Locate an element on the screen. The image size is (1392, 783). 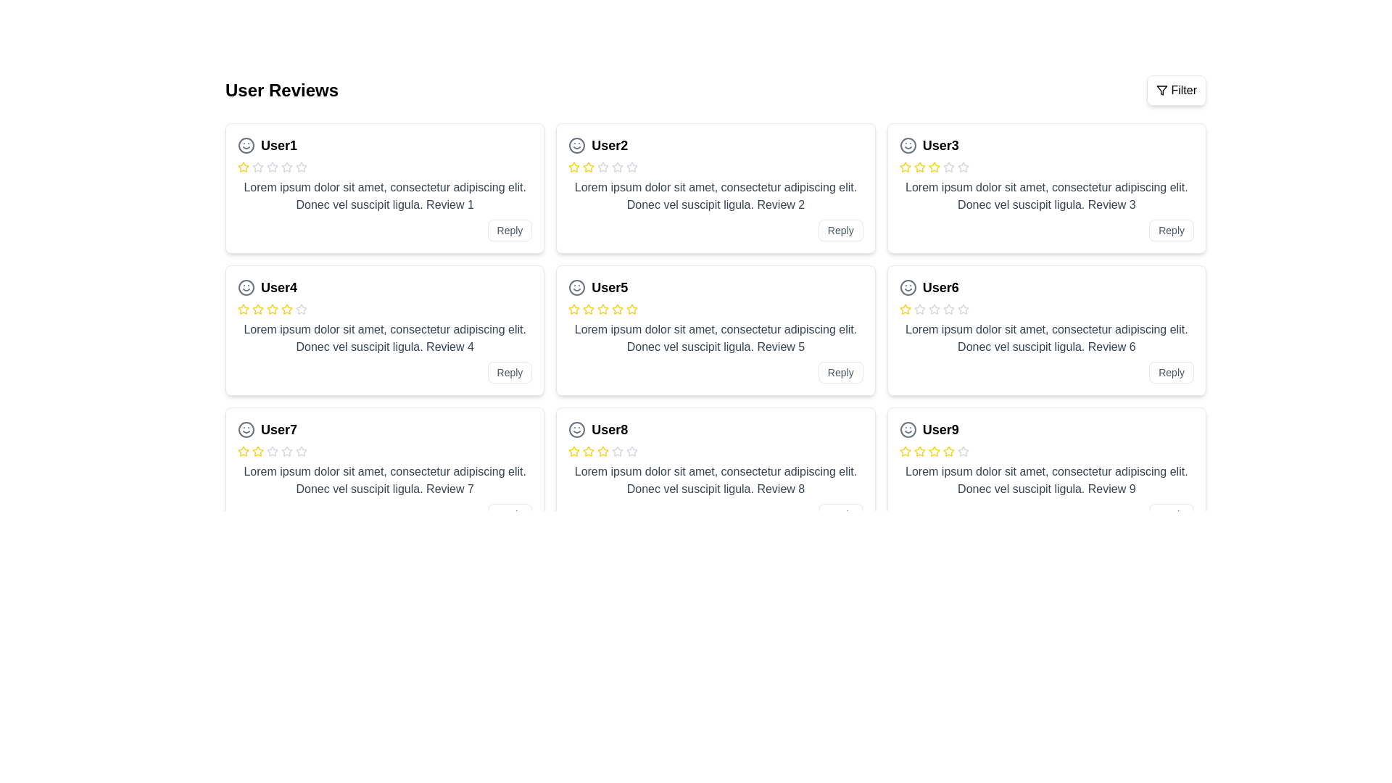
the yellow star icon representing the first rating in User1's review in the grid layout is located at coordinates (244, 166).